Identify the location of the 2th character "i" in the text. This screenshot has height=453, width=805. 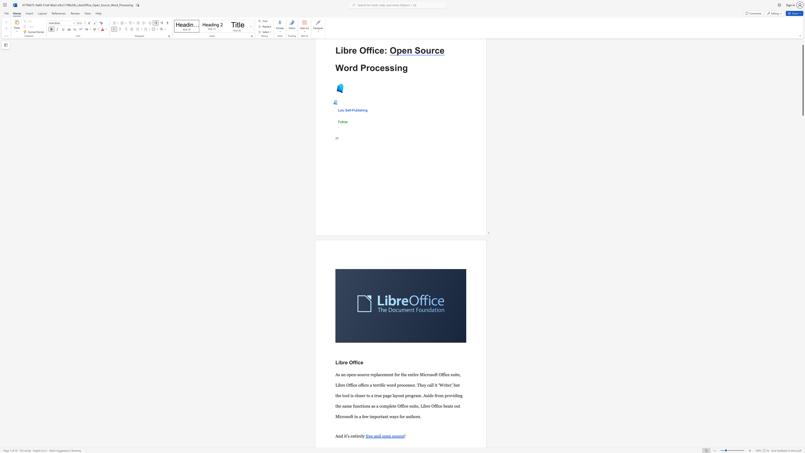
(363, 110).